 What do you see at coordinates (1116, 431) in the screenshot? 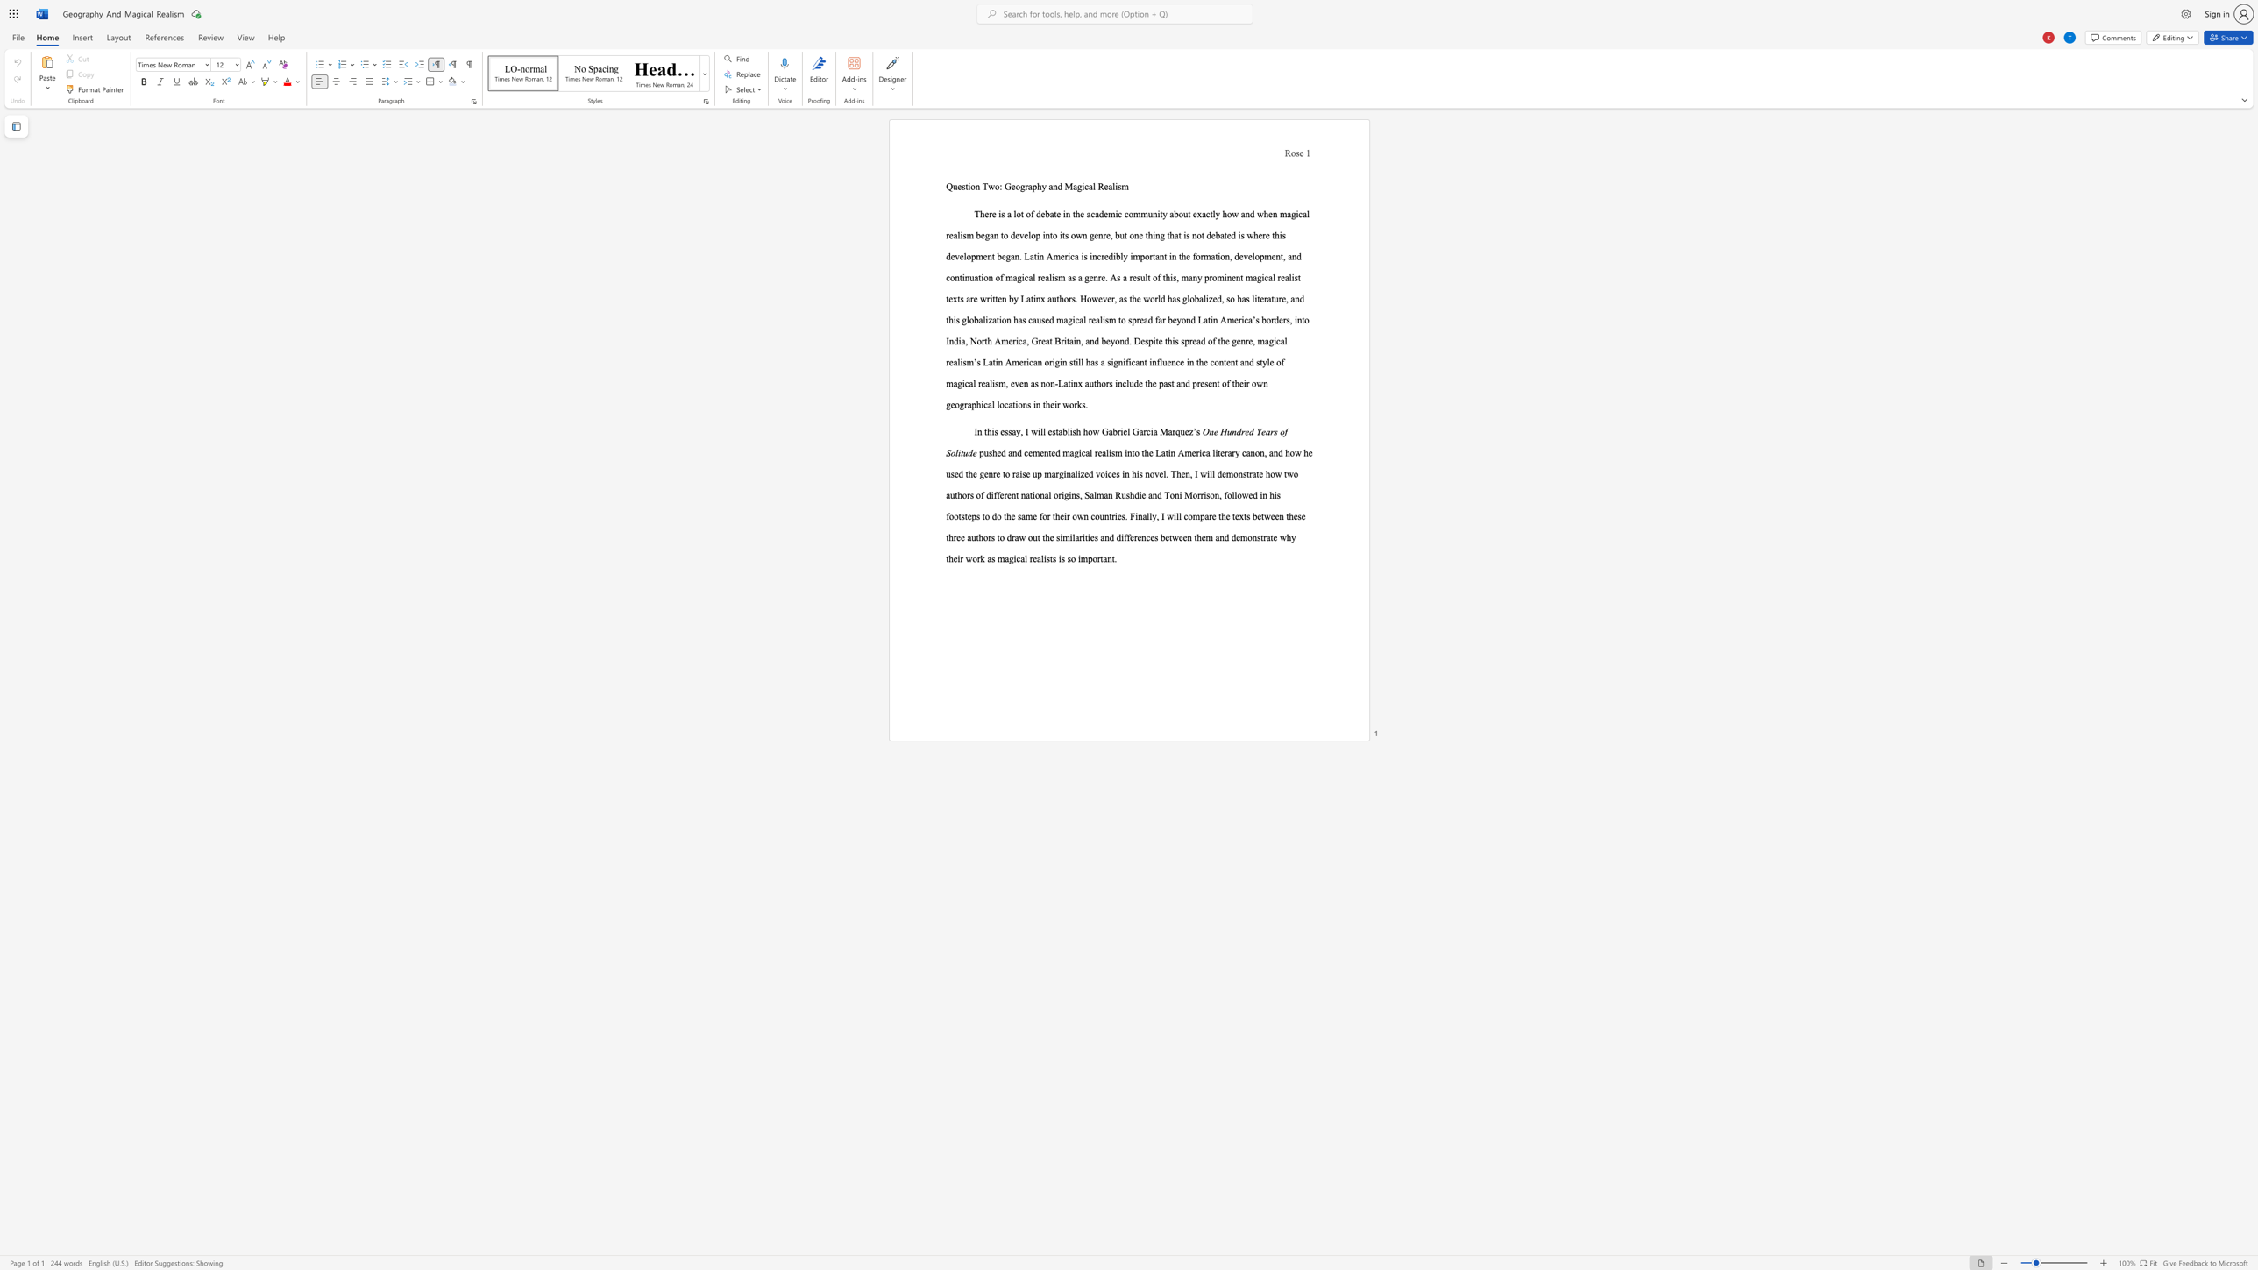
I see `the subset text "riel Garcia M" within the text "how Gabriel Garcia Marquez’s"` at bounding box center [1116, 431].